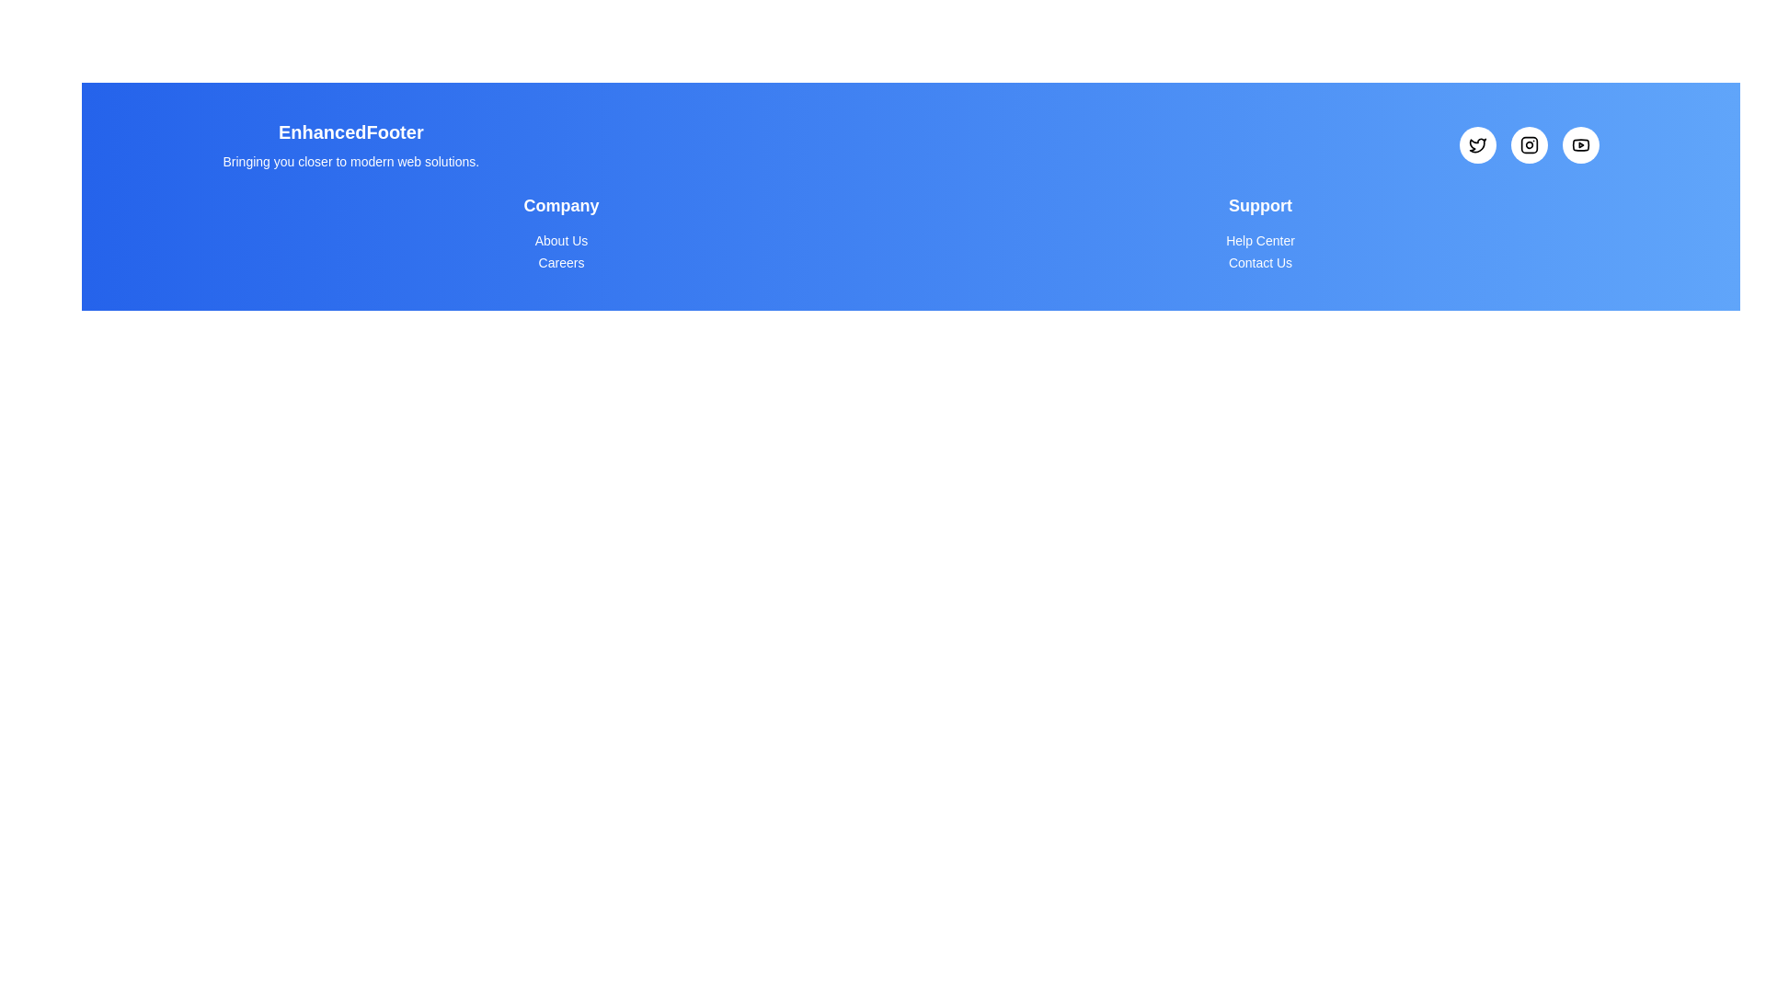 Image resolution: width=1766 pixels, height=993 pixels. What do you see at coordinates (560, 240) in the screenshot?
I see `the 'About Us' hyperlink located in the 'Company' section of the footer` at bounding box center [560, 240].